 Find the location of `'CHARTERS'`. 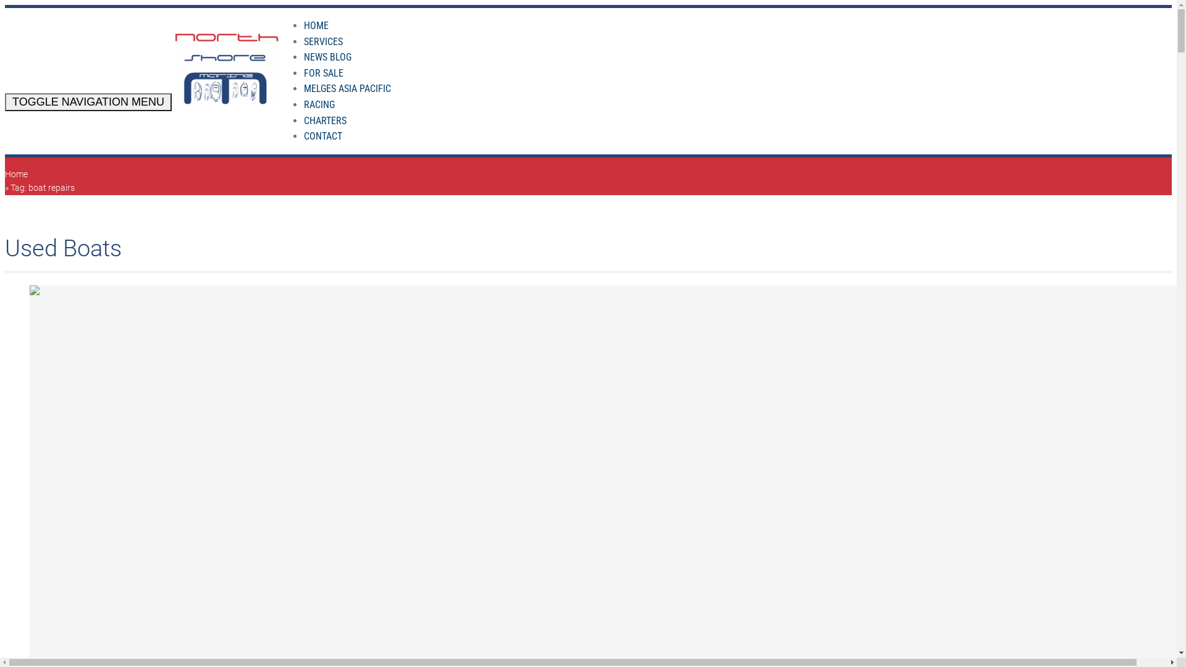

'CHARTERS' is located at coordinates (325, 120).